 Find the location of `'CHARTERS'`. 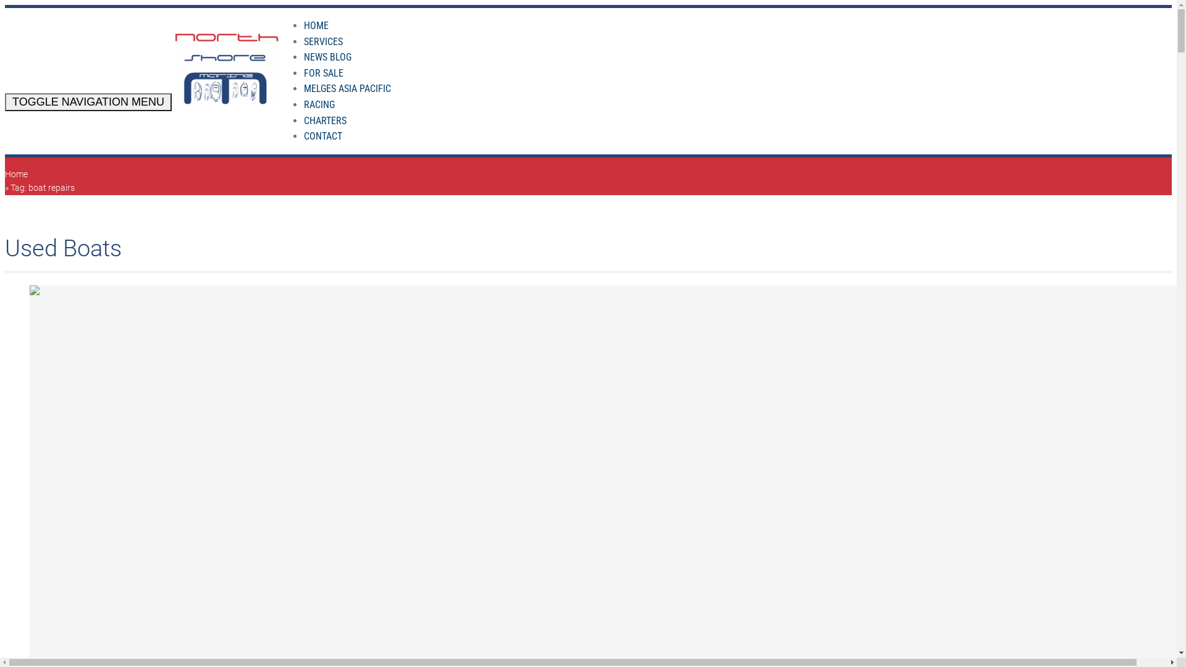

'CHARTERS' is located at coordinates (325, 120).